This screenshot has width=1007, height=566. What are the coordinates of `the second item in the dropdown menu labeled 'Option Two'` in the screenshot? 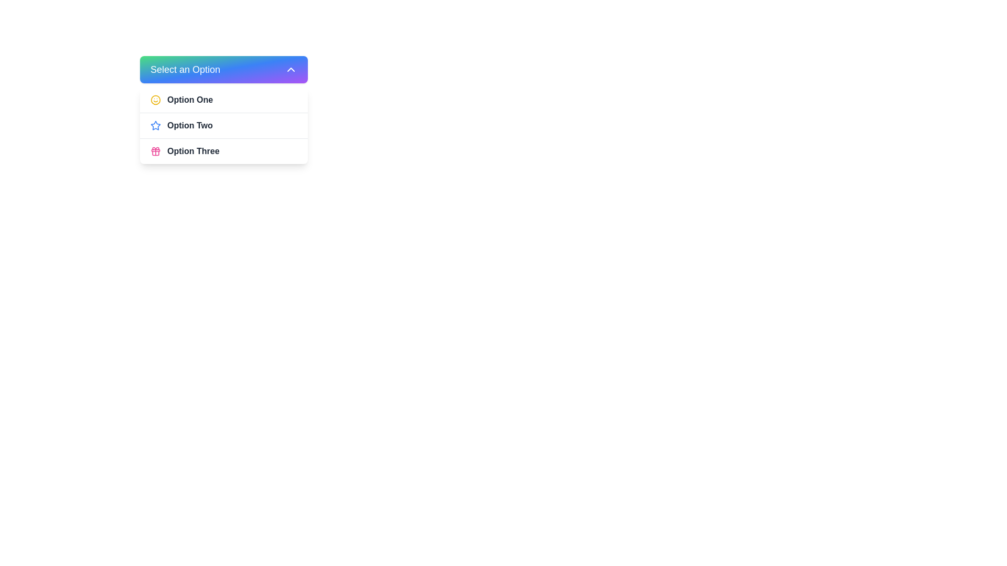 It's located at (223, 125).